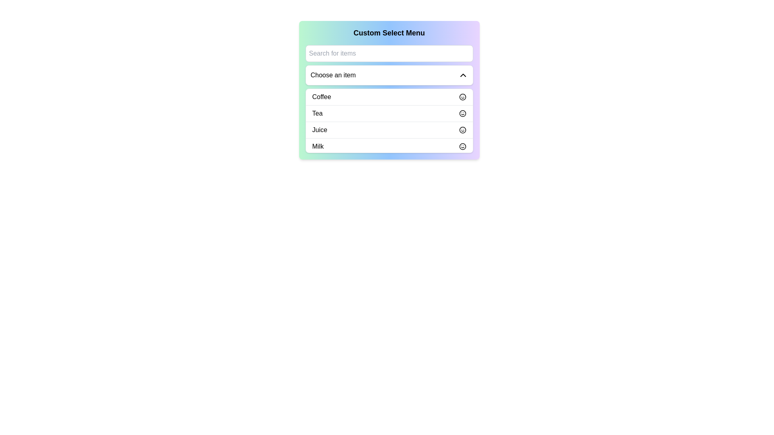 This screenshot has width=774, height=435. What do you see at coordinates (462, 96) in the screenshot?
I see `the outermost circle of the smiley face icon located to the far-right of the 'Coffee' row in the vertical list of menu options` at bounding box center [462, 96].